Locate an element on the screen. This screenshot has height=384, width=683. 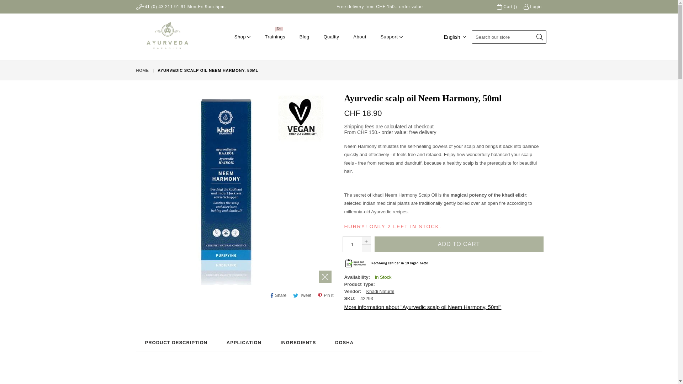
'Cart ()' is located at coordinates (507, 6).